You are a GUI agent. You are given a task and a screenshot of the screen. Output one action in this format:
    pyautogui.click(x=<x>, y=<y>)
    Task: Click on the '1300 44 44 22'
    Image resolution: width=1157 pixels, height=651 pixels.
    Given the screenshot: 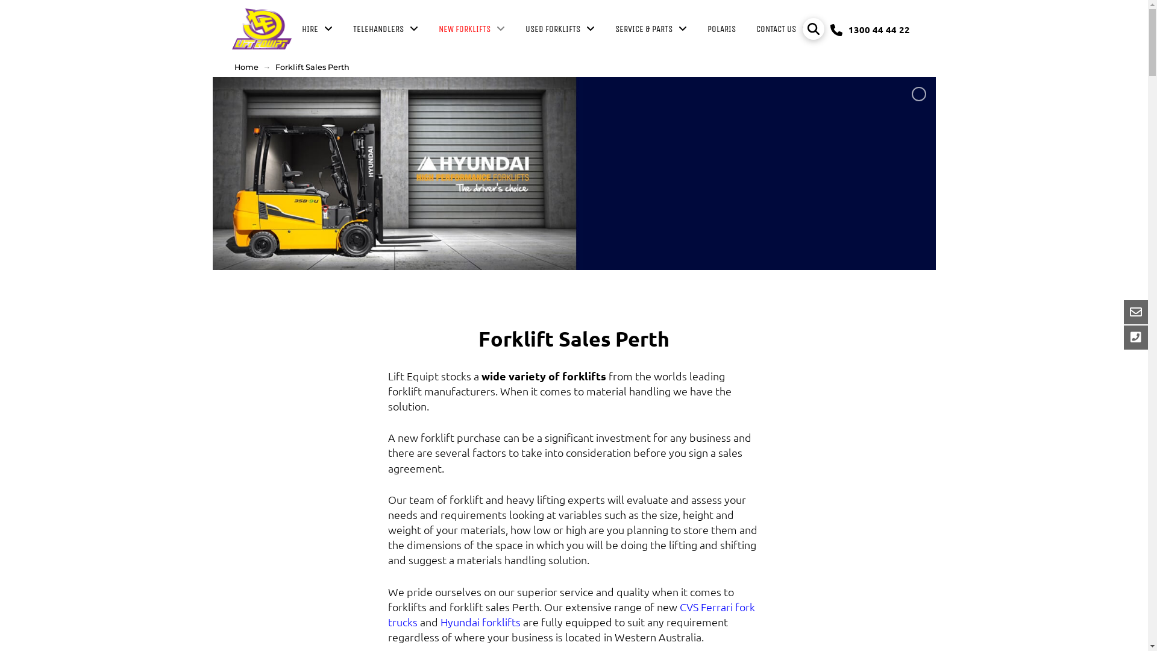 What is the action you would take?
    pyautogui.click(x=870, y=28)
    